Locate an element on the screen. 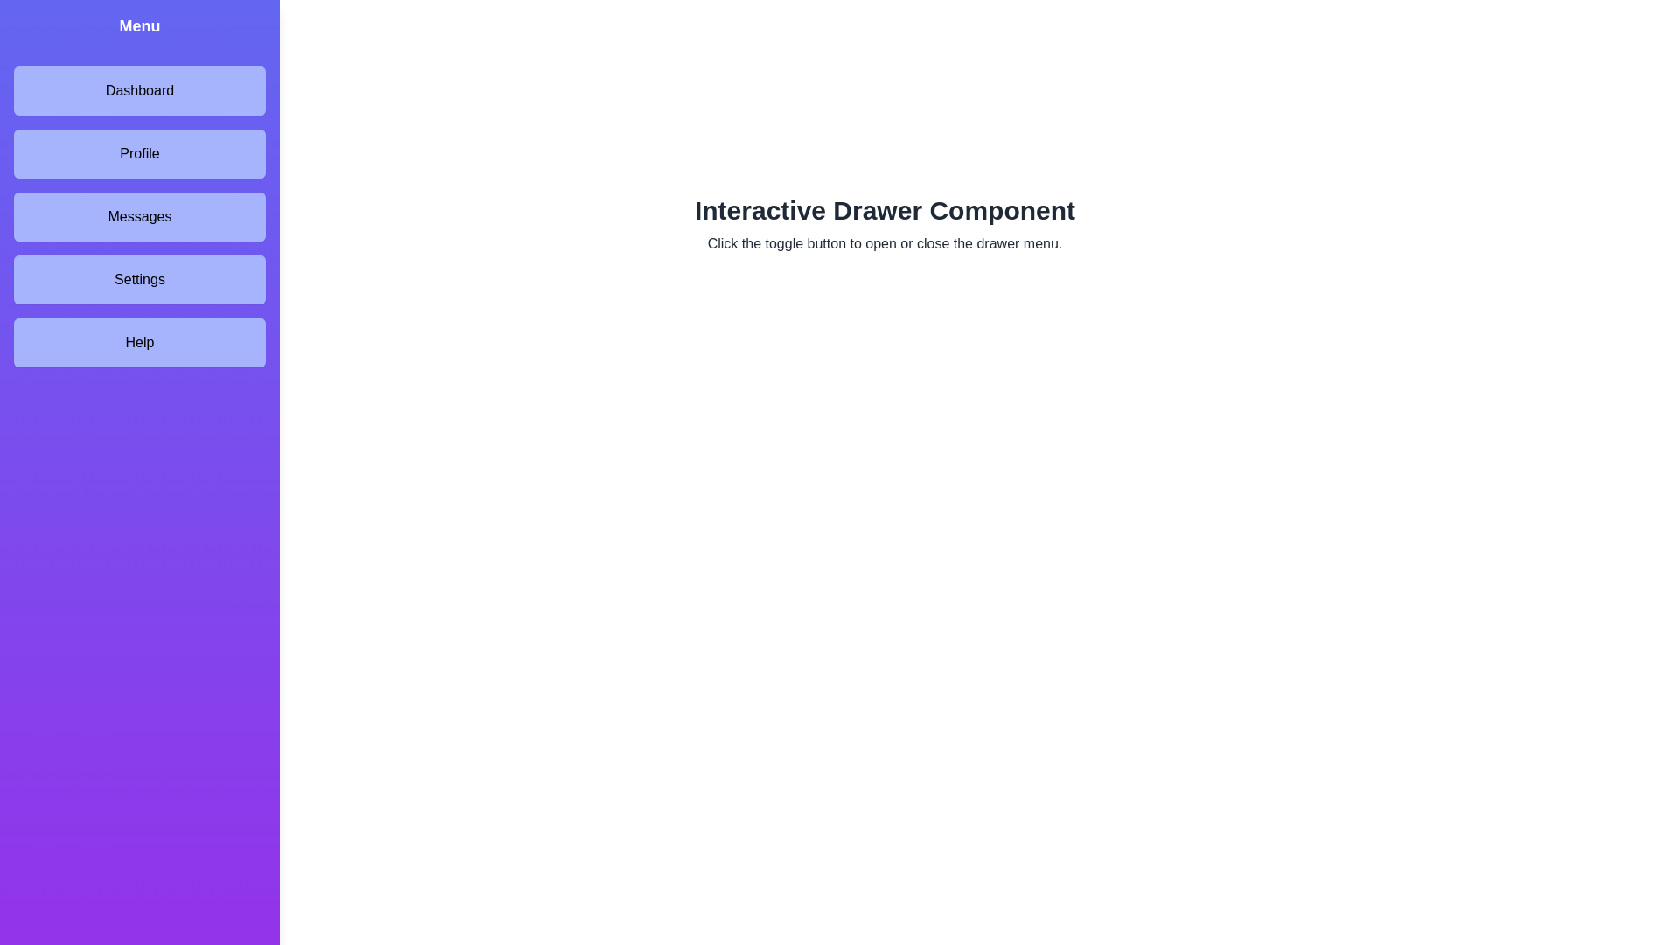 The image size is (1680, 945). the menu item labeled Dashboard is located at coordinates (138, 91).